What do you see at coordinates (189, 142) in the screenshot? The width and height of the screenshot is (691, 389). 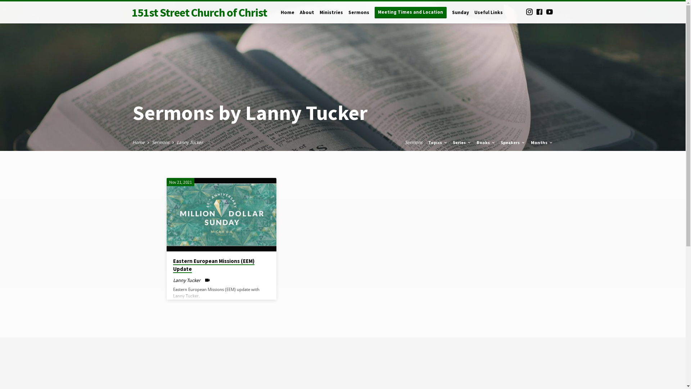 I see `'Lanny Tucker'` at bounding box center [189, 142].